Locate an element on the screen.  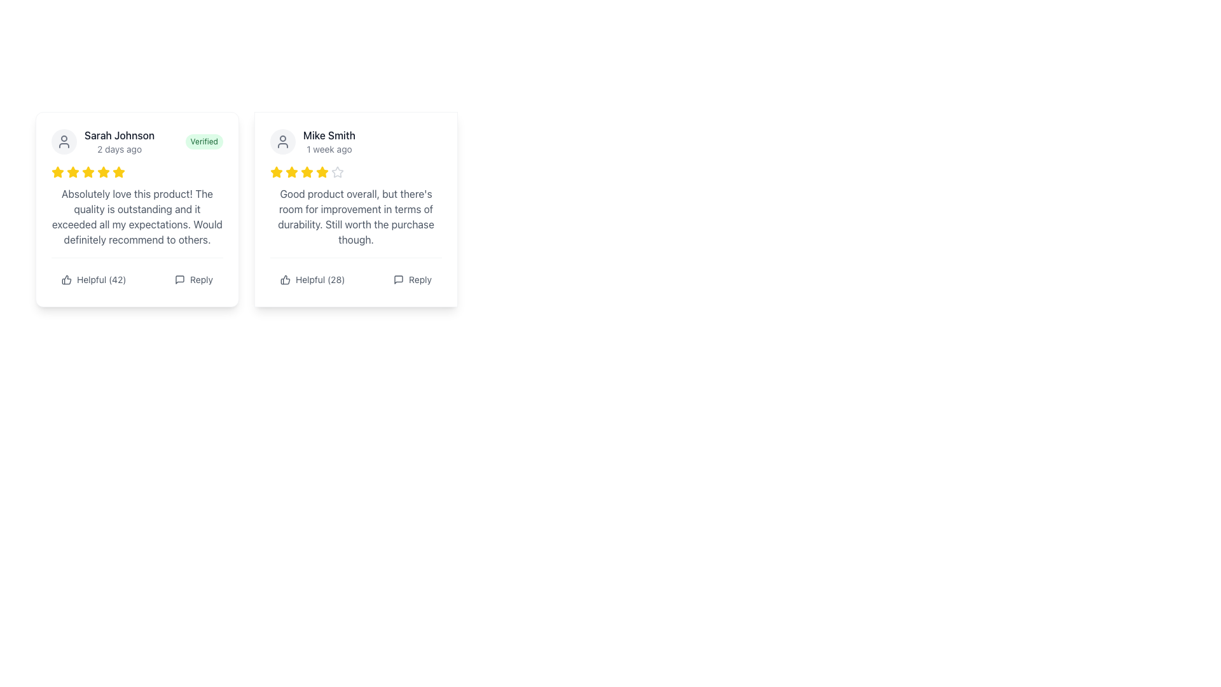
the verification status of the user 'Sarah Johnson' by interacting with the verification label located in the header section of her card, positioned to the right of her name and the time label '2 days ago' is located at coordinates (204, 142).